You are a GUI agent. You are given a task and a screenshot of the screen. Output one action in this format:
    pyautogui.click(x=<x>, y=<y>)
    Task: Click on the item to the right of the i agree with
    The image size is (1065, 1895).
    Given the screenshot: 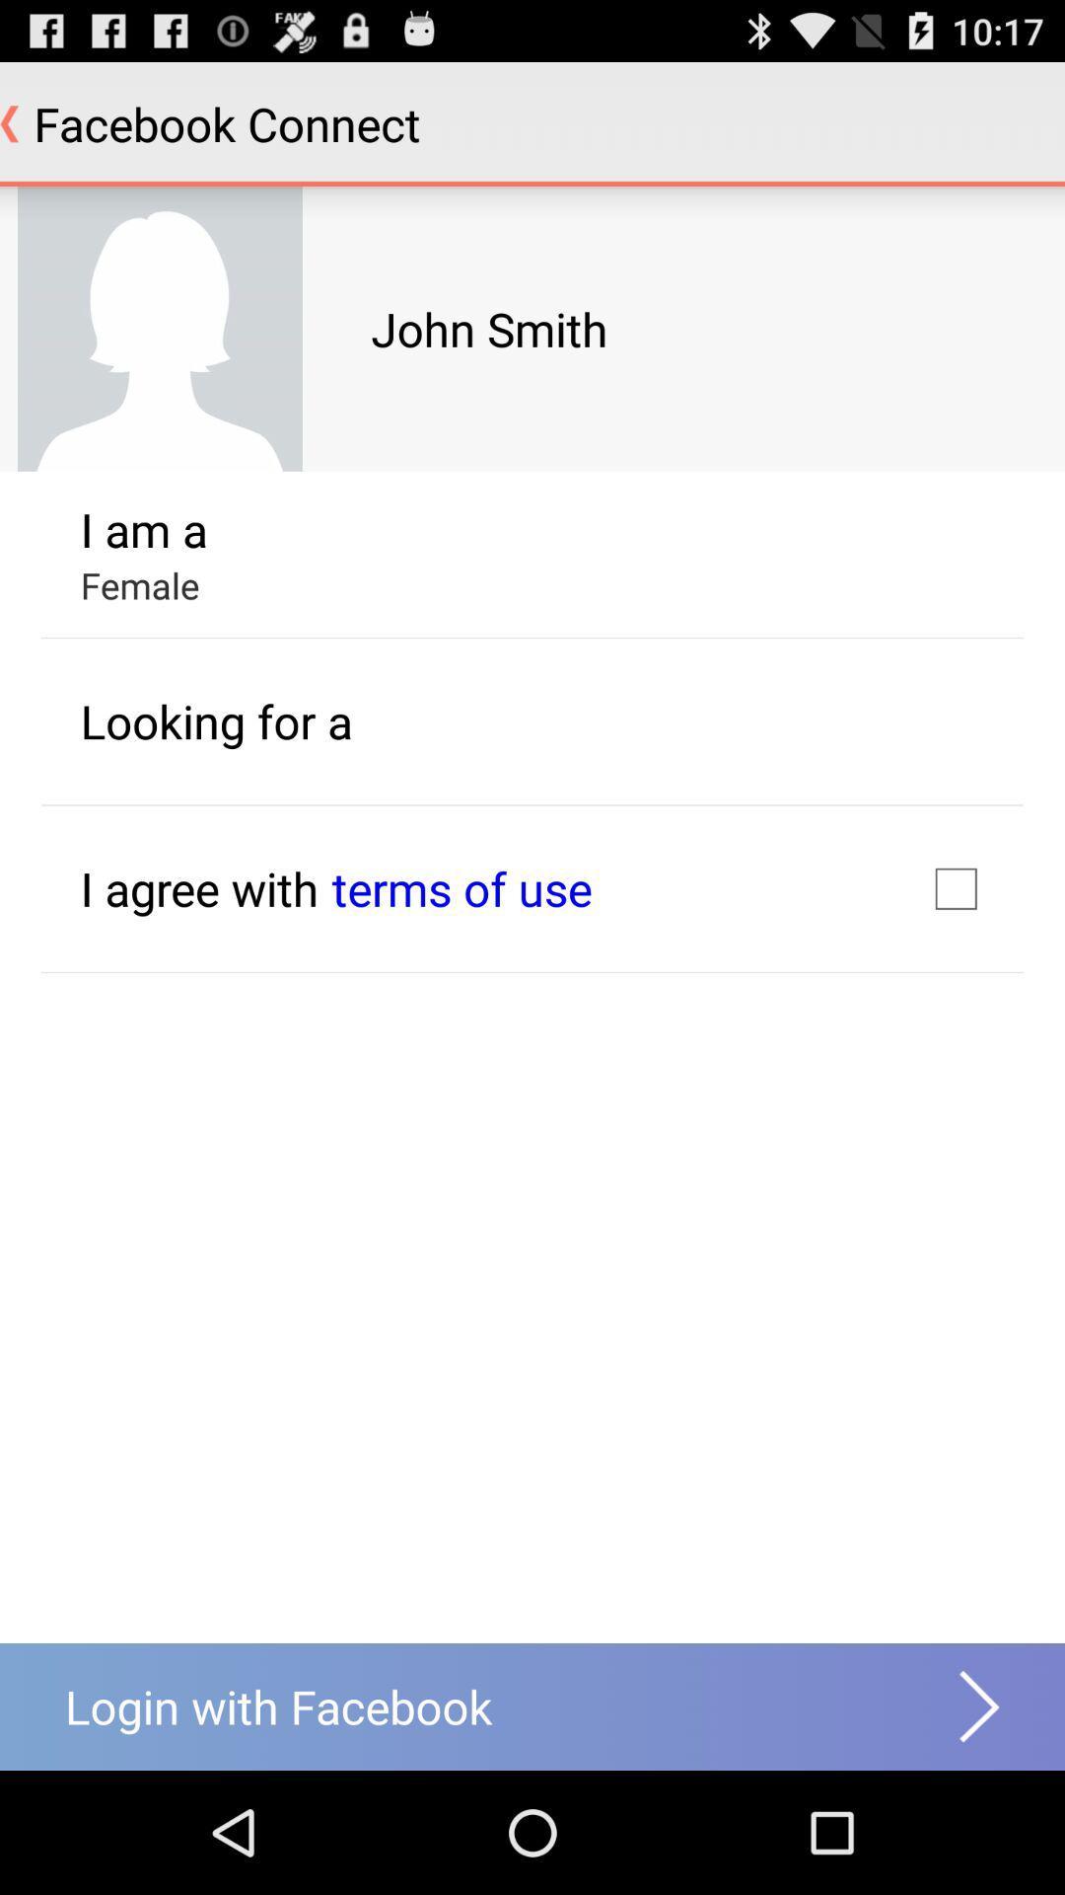 What is the action you would take?
    pyautogui.click(x=461, y=887)
    